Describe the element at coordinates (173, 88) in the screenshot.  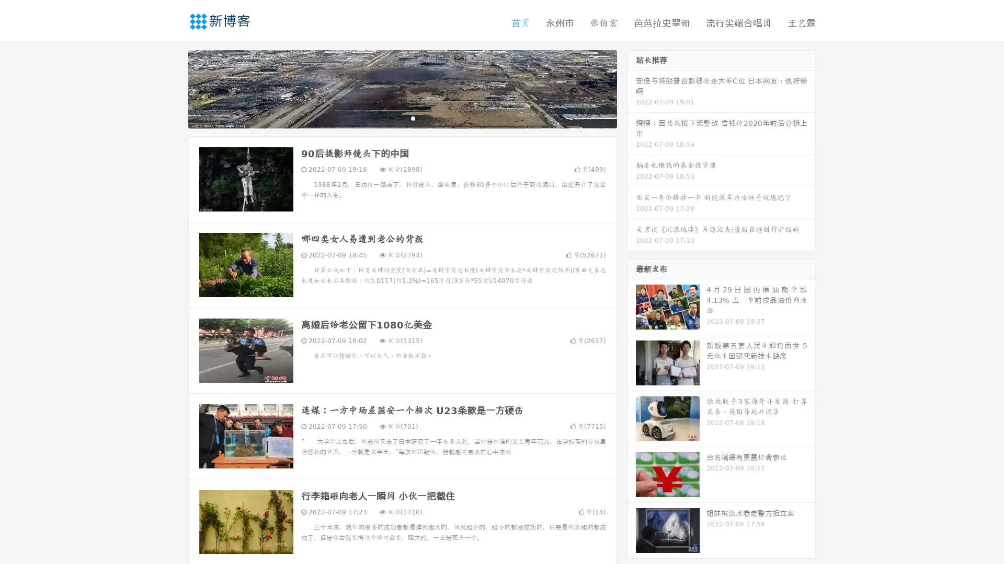
I see `Previous slide` at that location.